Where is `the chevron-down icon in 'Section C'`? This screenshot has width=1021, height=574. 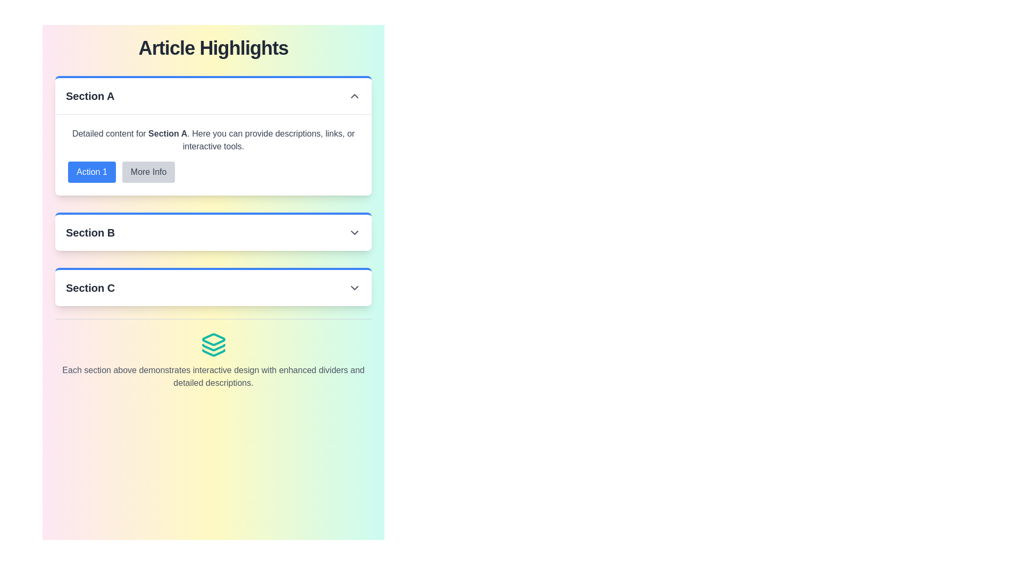
the chevron-down icon in 'Section C' is located at coordinates (355, 288).